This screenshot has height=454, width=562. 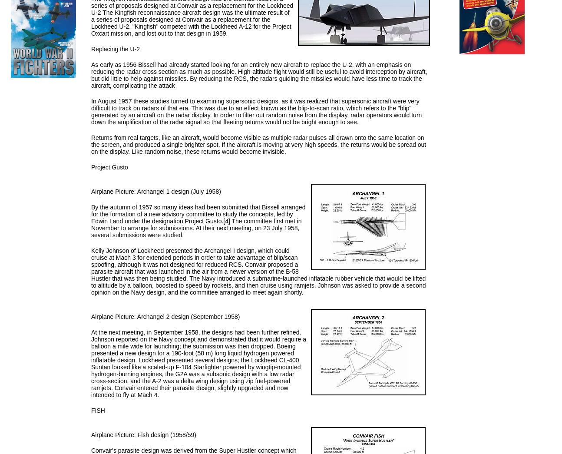 I want to click on 'By the autumn of 1957 so many ideas had been submitted that Bissell arranged for the formation of a new advisory committee to study the concepts, led
by Edwin Land under the designation Project Gusto.[4] The committee first met in November to arrange for submissions. At their next meeting, on 23 July
1958, several submissions were studied.', so click(x=198, y=221).